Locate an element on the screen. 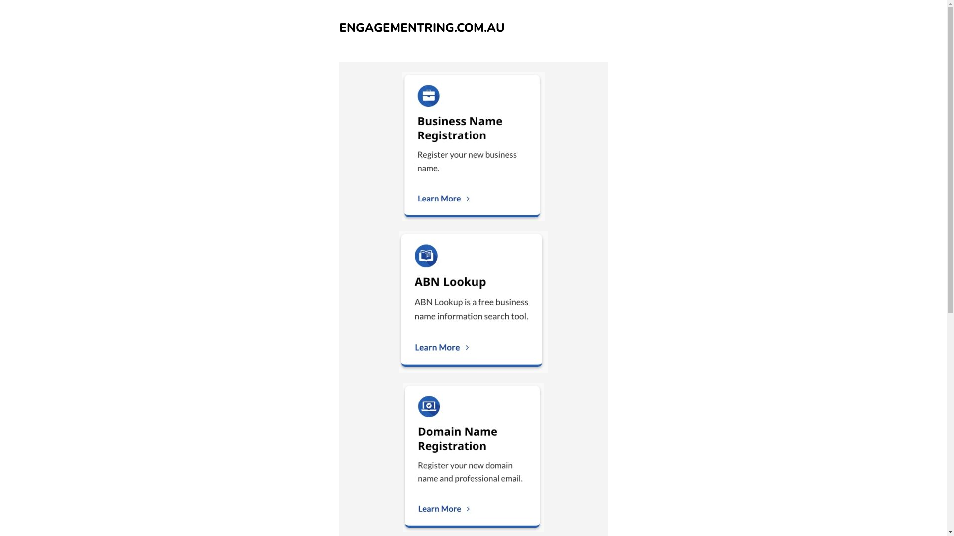 This screenshot has width=954, height=536. 'ENGAGEMENTRING.COM.AU' is located at coordinates (421, 27).